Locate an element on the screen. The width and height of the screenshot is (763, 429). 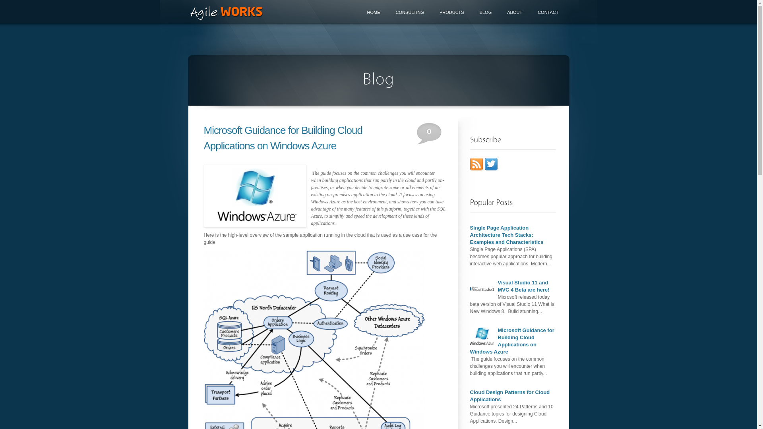
'BLOG' is located at coordinates (473, 12).